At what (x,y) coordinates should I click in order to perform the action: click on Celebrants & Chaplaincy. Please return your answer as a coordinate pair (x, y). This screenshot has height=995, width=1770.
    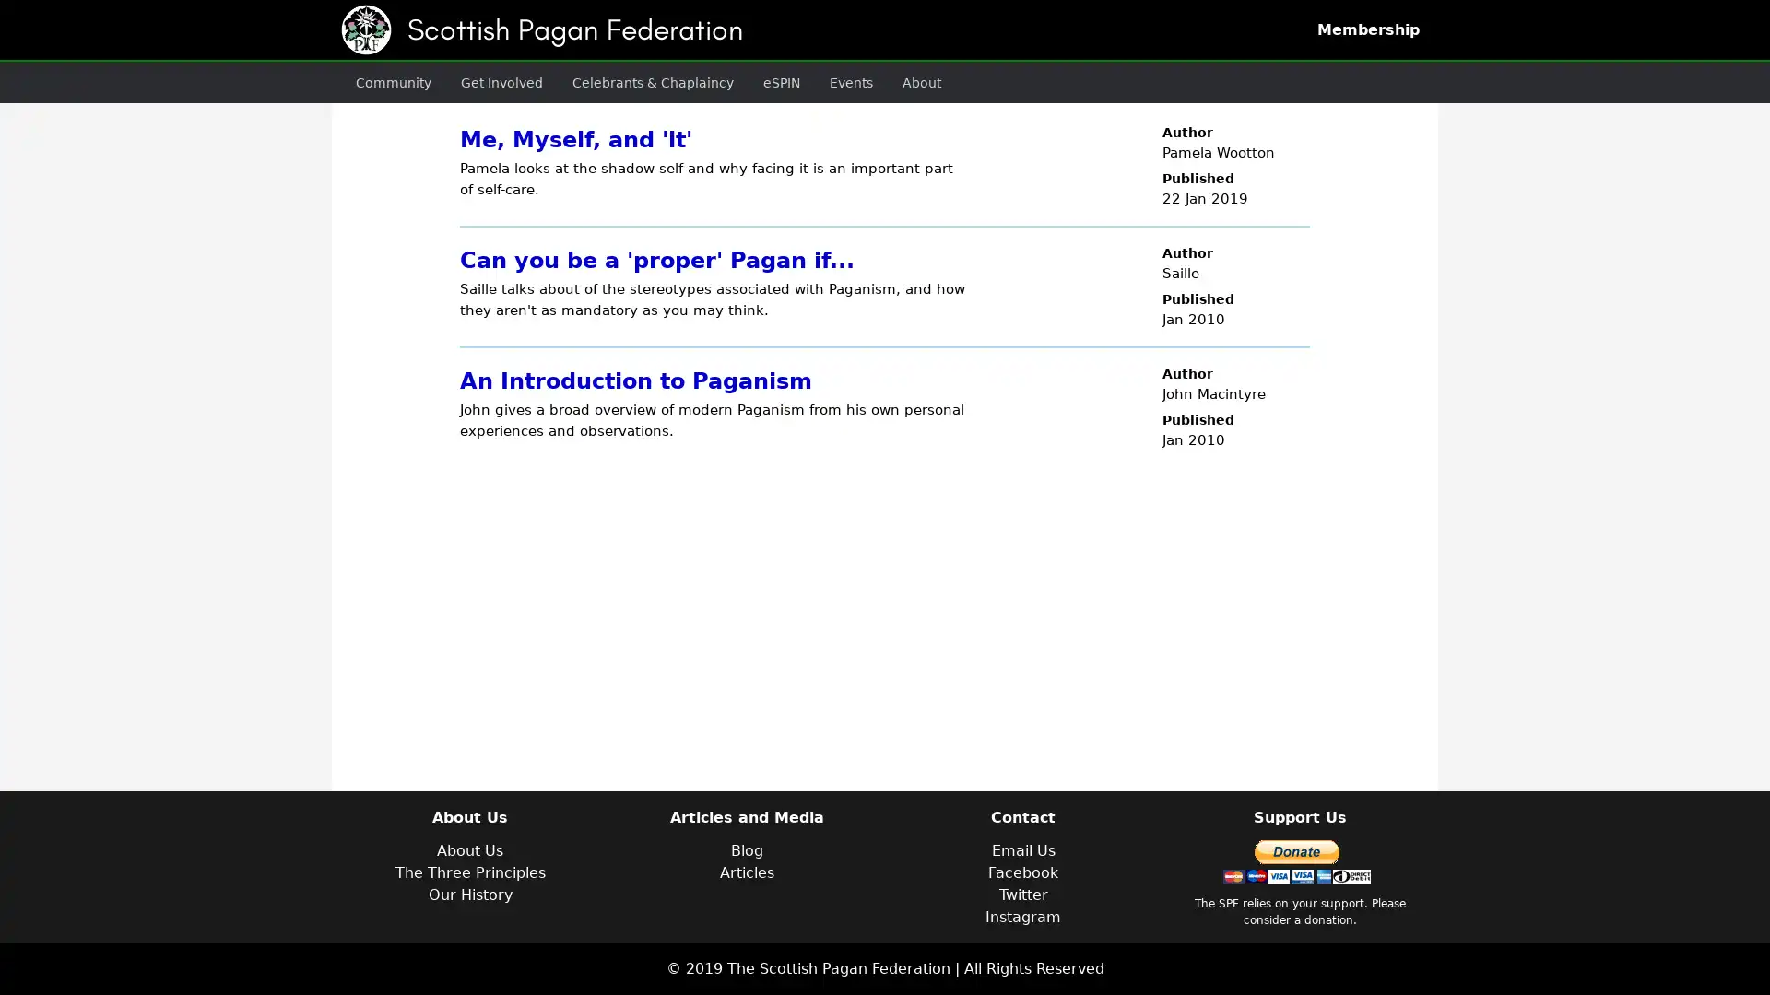
    Looking at the image, I should click on (627, 81).